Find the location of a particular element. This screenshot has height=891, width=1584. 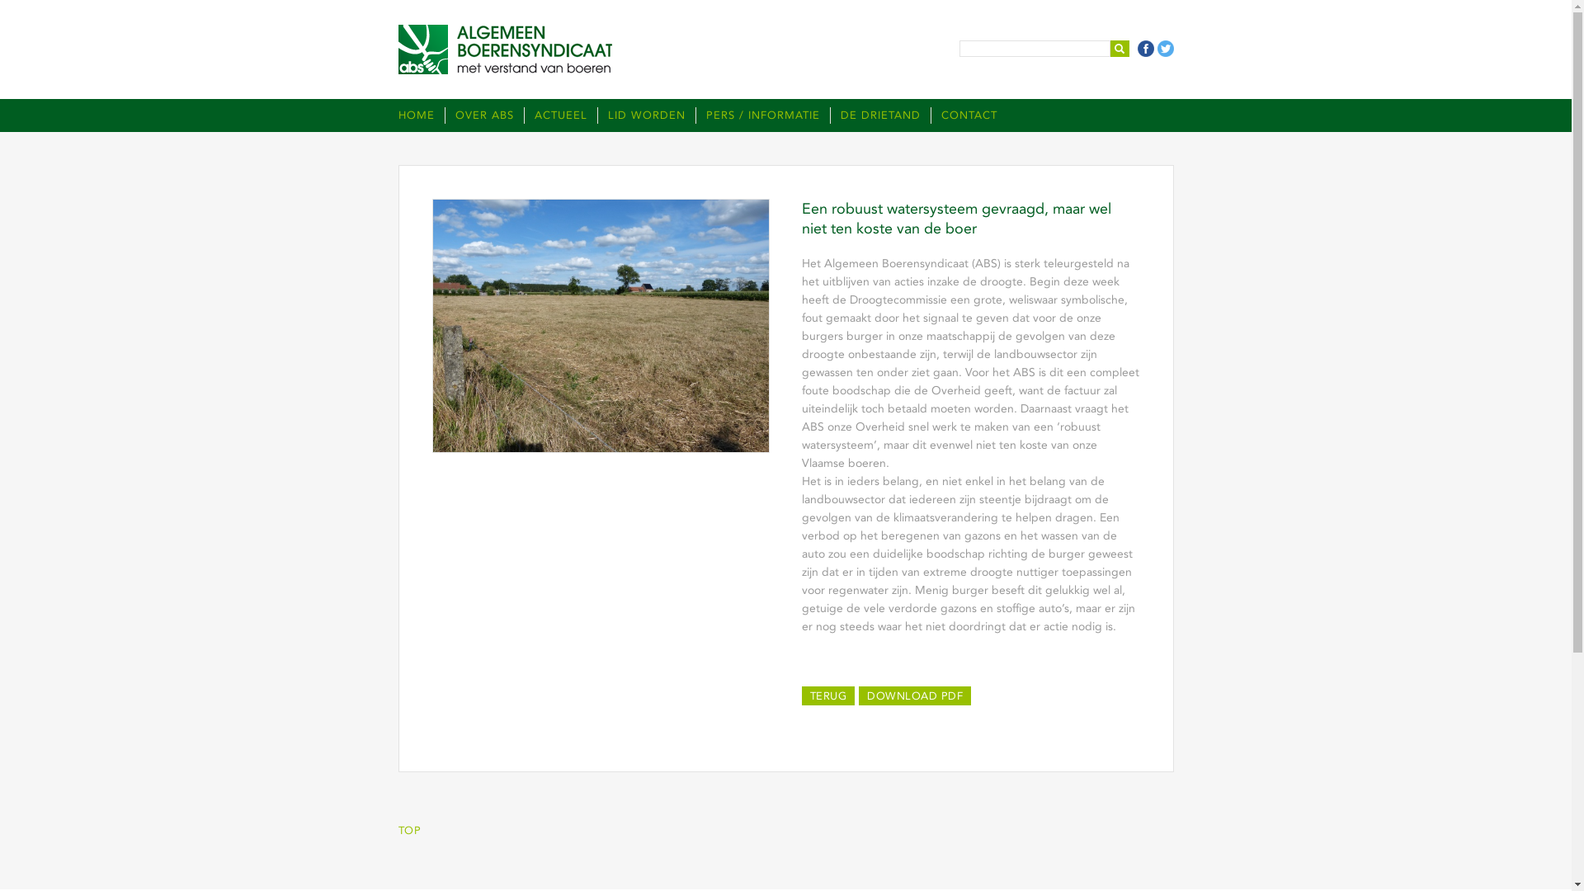

'PERS / INFORMATIE' is located at coordinates (694, 114).